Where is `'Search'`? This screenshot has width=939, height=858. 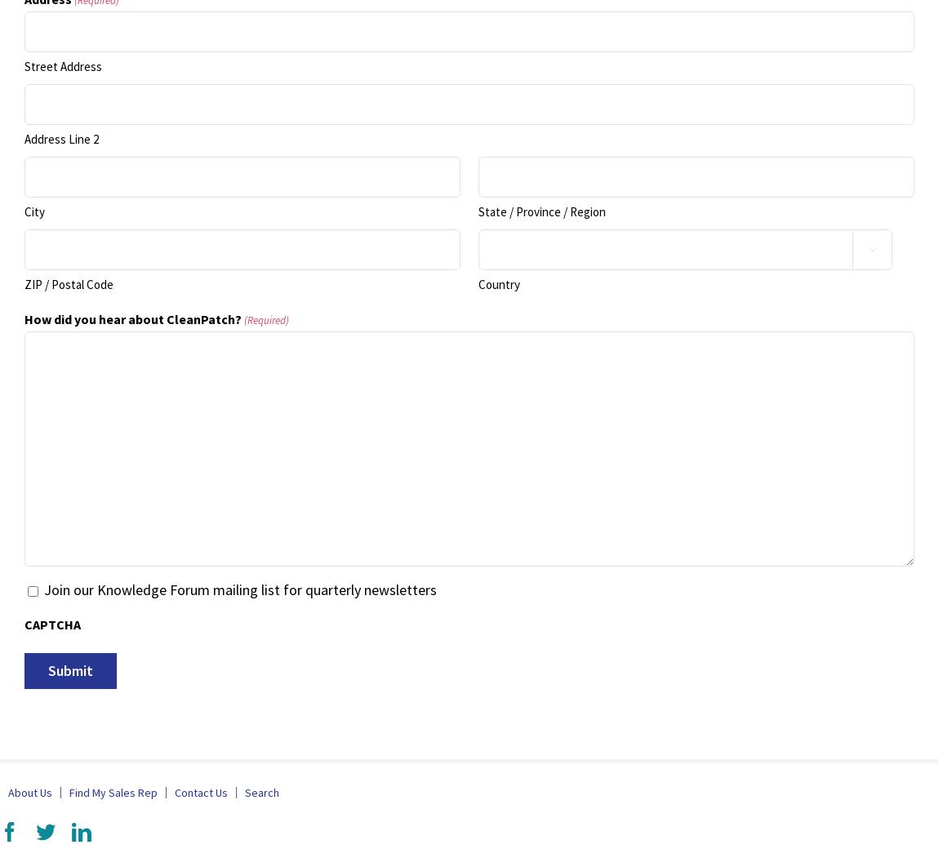 'Search' is located at coordinates (261, 793).